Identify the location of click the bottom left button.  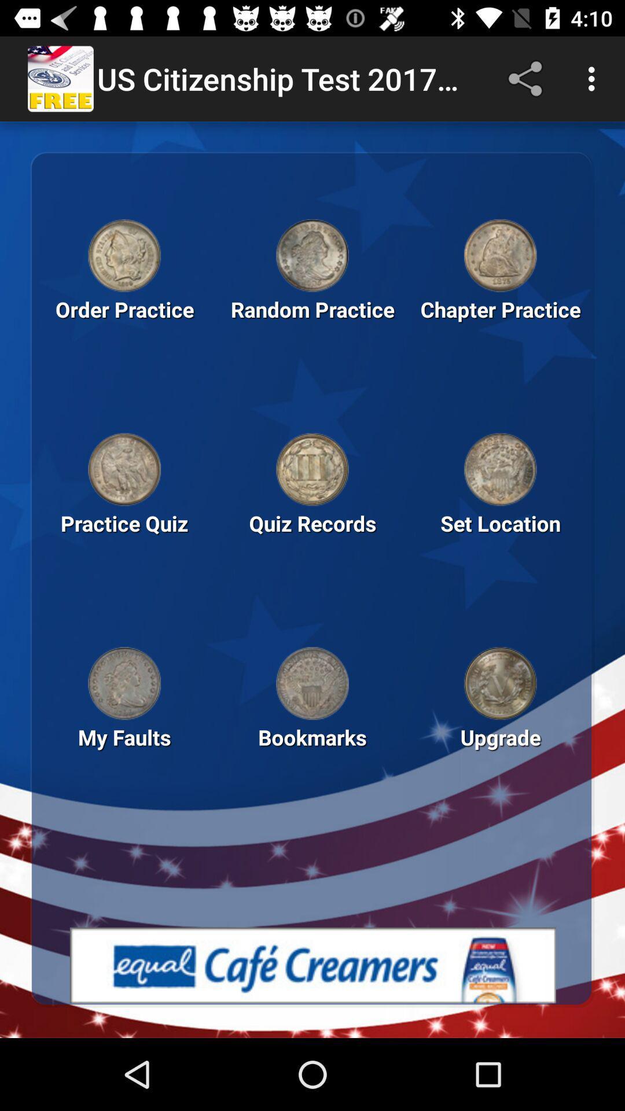
(124, 683).